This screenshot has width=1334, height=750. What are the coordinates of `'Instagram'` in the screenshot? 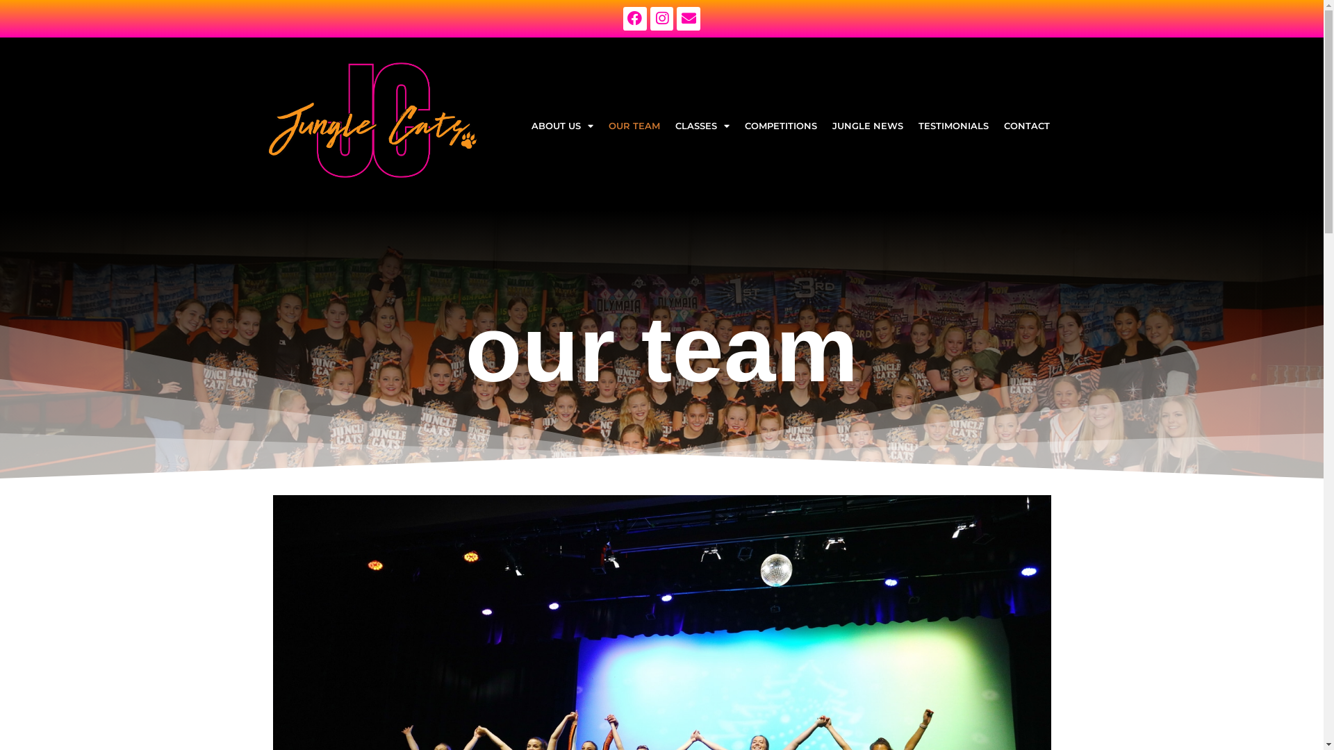 It's located at (650, 19).